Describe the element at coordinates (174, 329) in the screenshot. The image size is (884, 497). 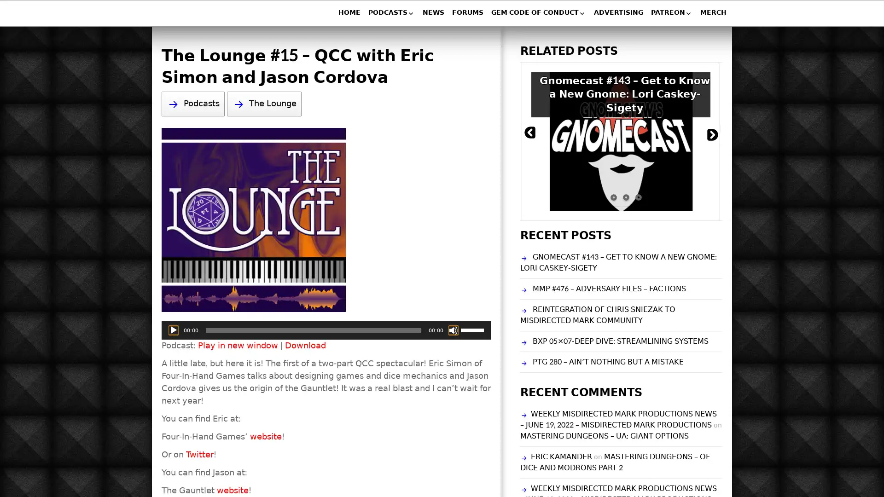
I see `Play` at that location.